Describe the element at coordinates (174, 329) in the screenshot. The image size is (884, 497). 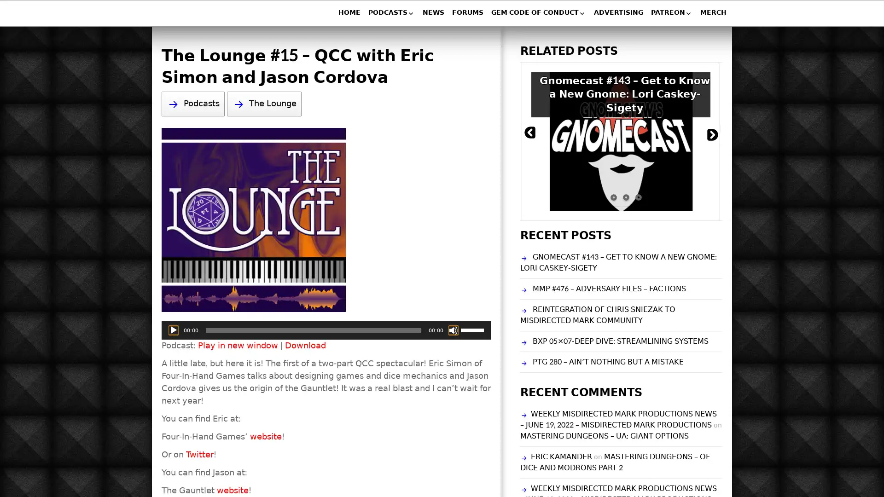
I see `Play` at that location.